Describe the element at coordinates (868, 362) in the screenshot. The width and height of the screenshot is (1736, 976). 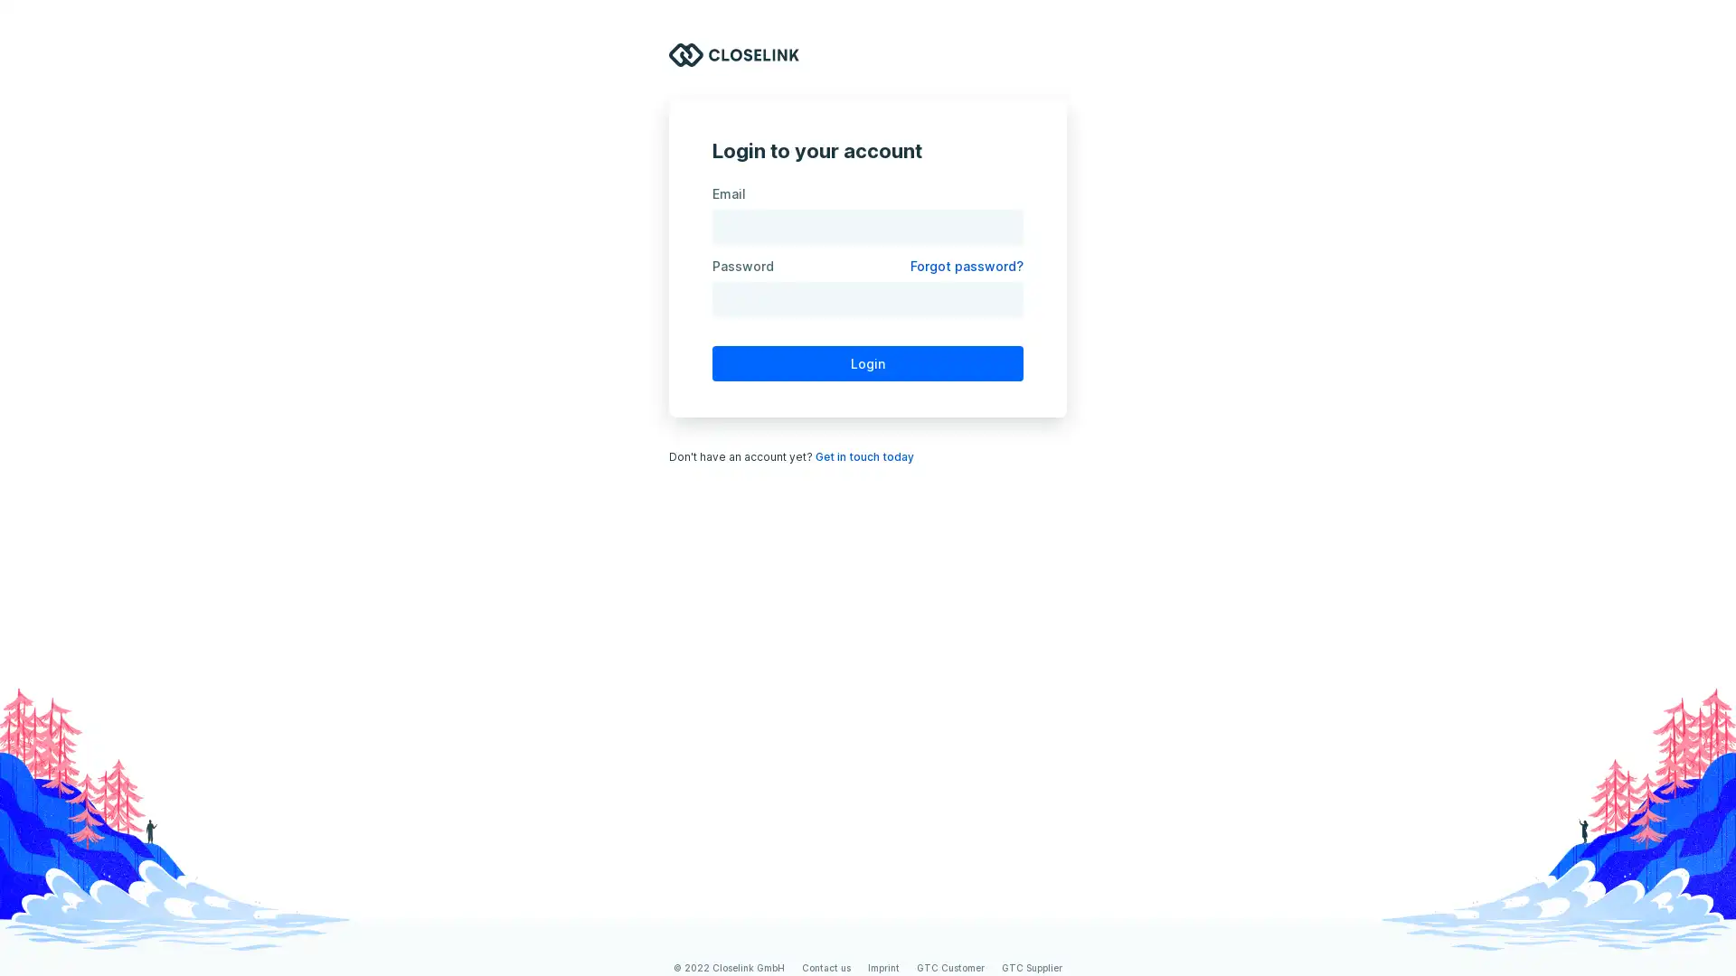
I see `Login` at that location.